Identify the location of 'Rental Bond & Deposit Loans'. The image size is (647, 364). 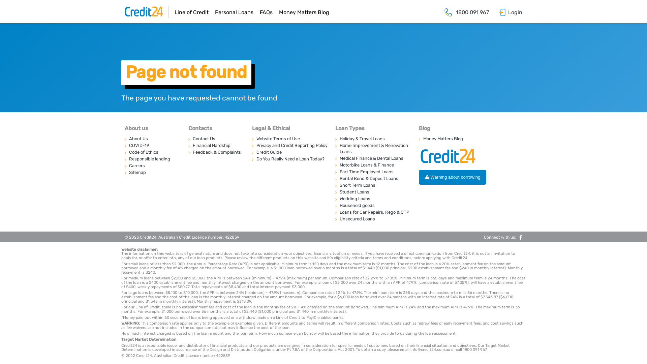
(373, 178).